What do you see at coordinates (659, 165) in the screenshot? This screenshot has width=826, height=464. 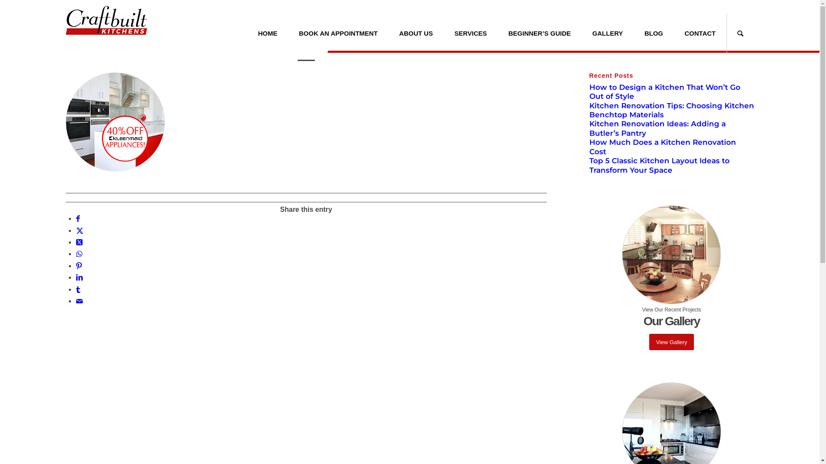 I see `'Top 5 Classic Kitchen Layout Ideas to Transform Your Space'` at bounding box center [659, 165].